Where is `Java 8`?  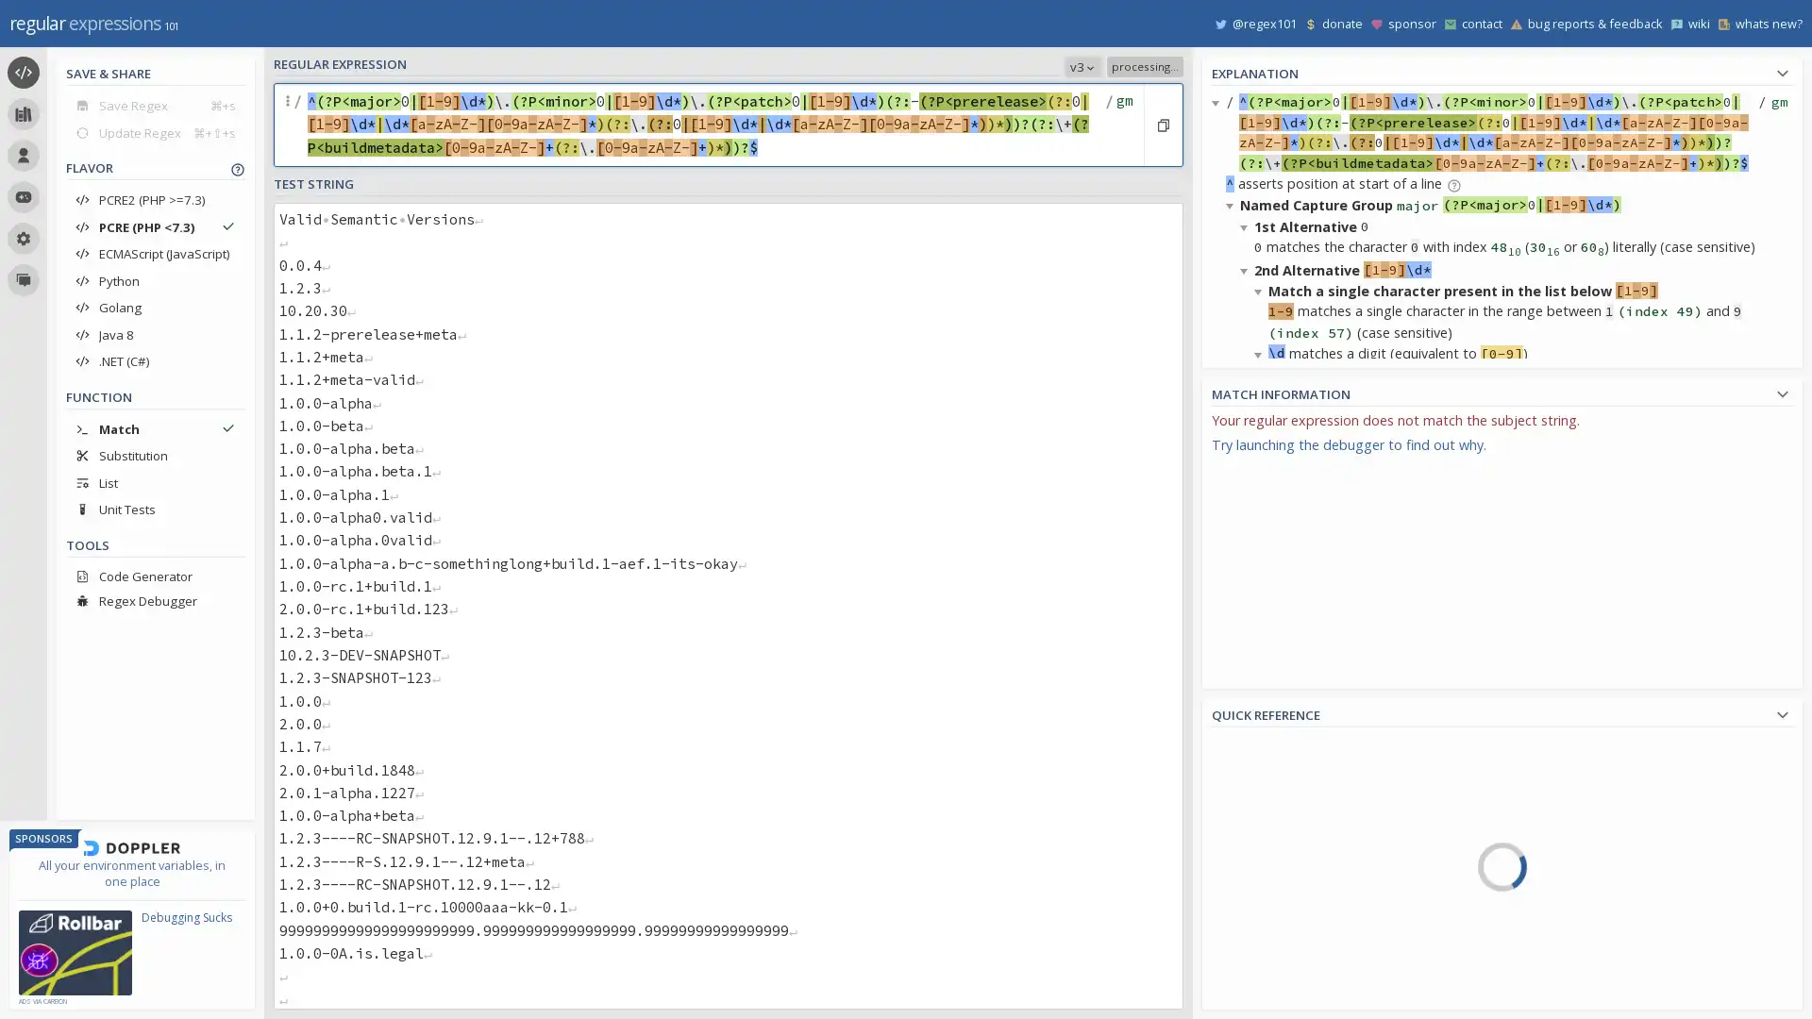
Java 8 is located at coordinates (155, 333).